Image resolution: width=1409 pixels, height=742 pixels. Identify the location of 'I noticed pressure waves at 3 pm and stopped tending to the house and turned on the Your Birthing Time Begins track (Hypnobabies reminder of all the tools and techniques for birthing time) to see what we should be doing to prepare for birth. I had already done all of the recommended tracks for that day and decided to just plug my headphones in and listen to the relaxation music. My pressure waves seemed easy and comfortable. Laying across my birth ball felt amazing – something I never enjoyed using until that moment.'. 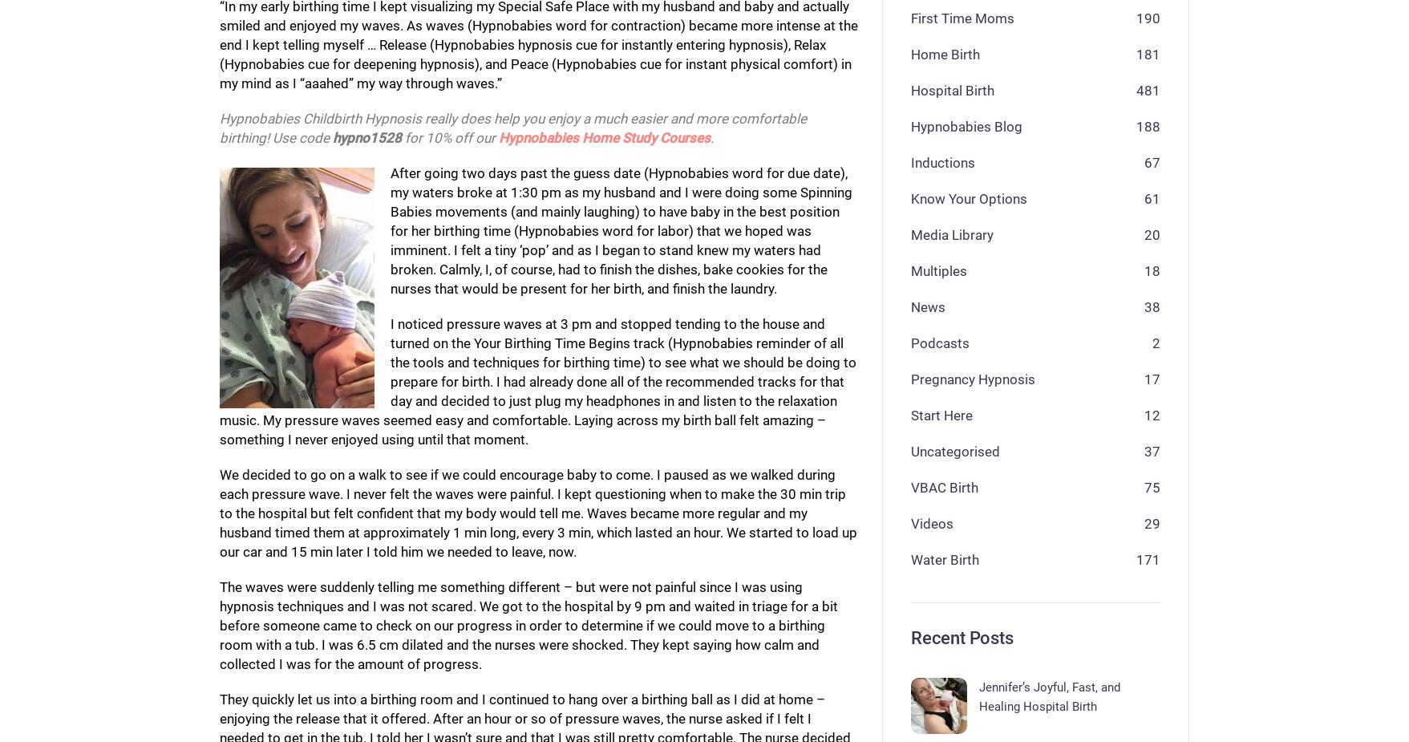
(536, 380).